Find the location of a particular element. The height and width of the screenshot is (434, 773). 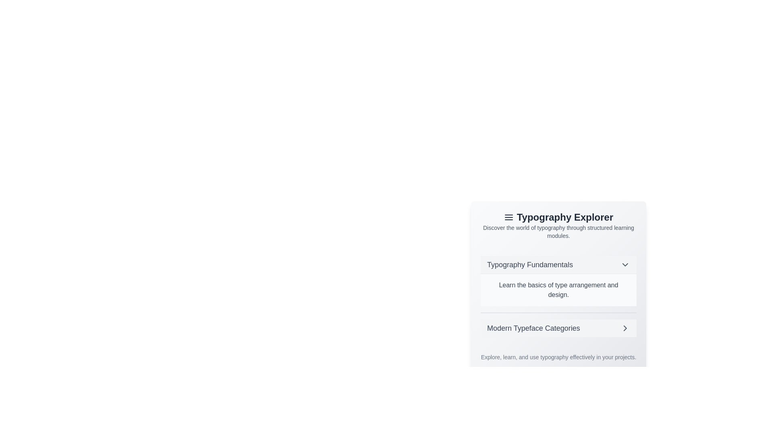

the Chevron Icon located to the right of the text label in the 'Typography Fundamentals' section is located at coordinates (625, 265).